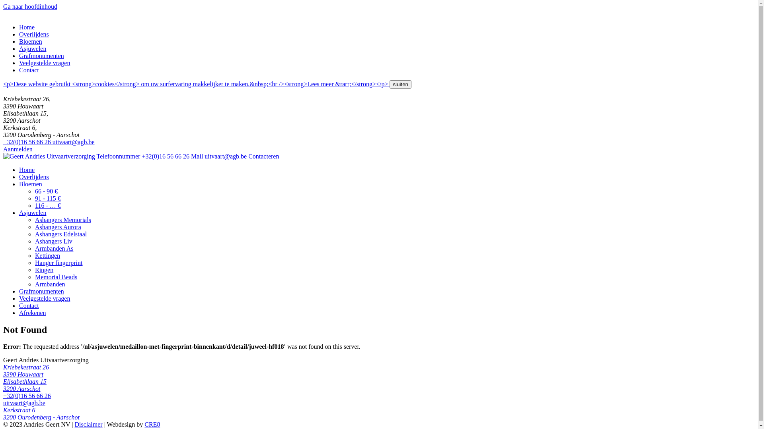 The image size is (764, 429). I want to click on 'Hanger fingerprint', so click(58, 263).